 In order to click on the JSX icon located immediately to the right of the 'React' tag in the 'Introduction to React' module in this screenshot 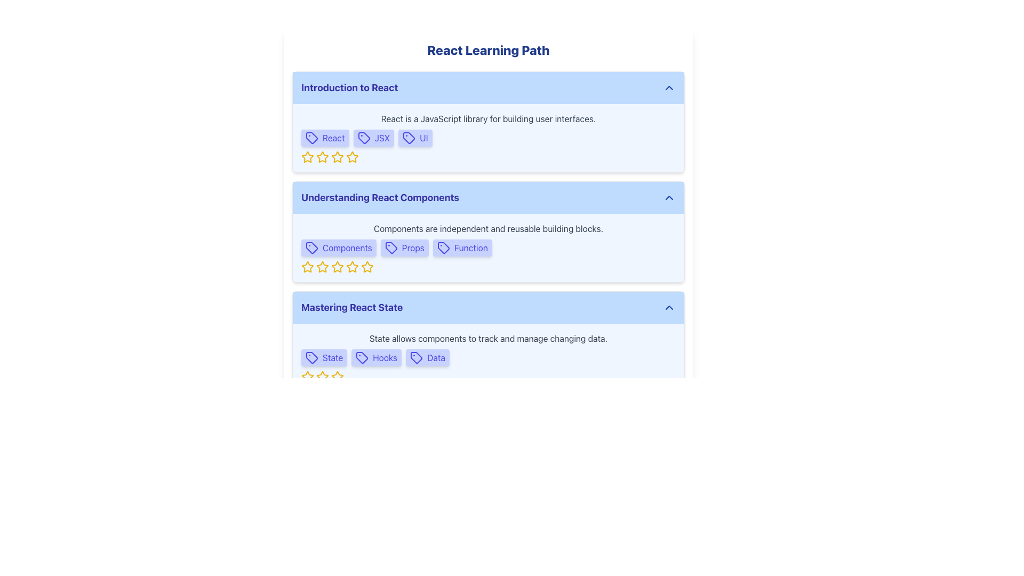, I will do `click(364, 137)`.